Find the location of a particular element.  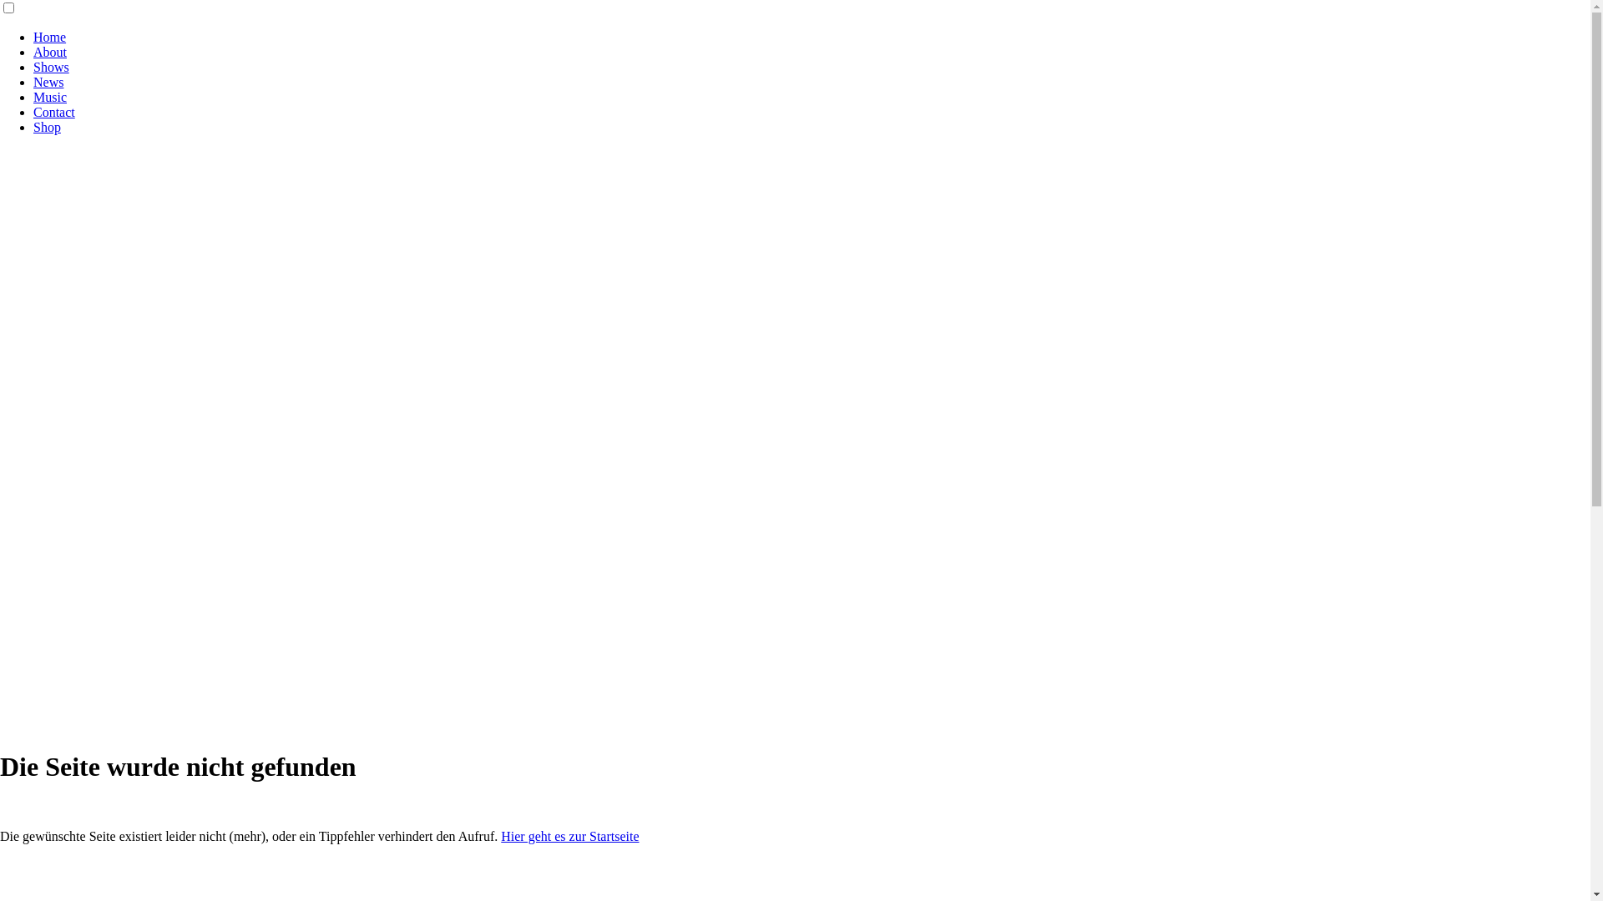

'News' is located at coordinates (48, 82).